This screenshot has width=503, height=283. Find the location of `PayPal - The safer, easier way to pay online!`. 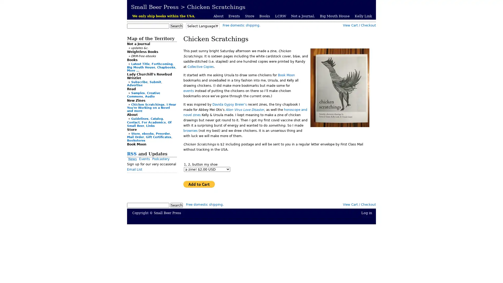

PayPal - The safer, easier way to pay online! is located at coordinates (199, 184).